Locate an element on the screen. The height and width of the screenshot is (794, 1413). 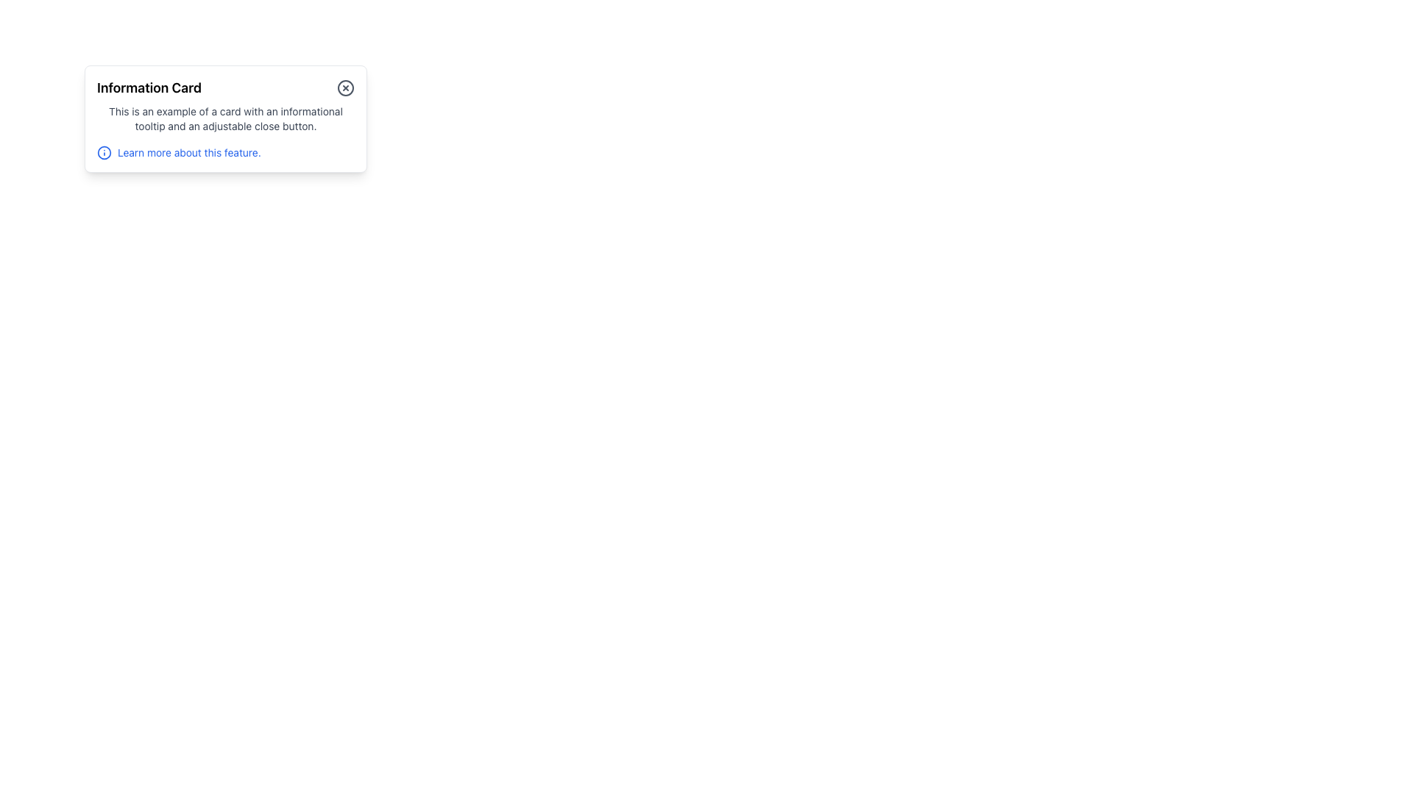
the circular close icon located in the top-right corner of the 'Information Card' tooltip, which changes color to red when hovered over is located at coordinates (345, 87).